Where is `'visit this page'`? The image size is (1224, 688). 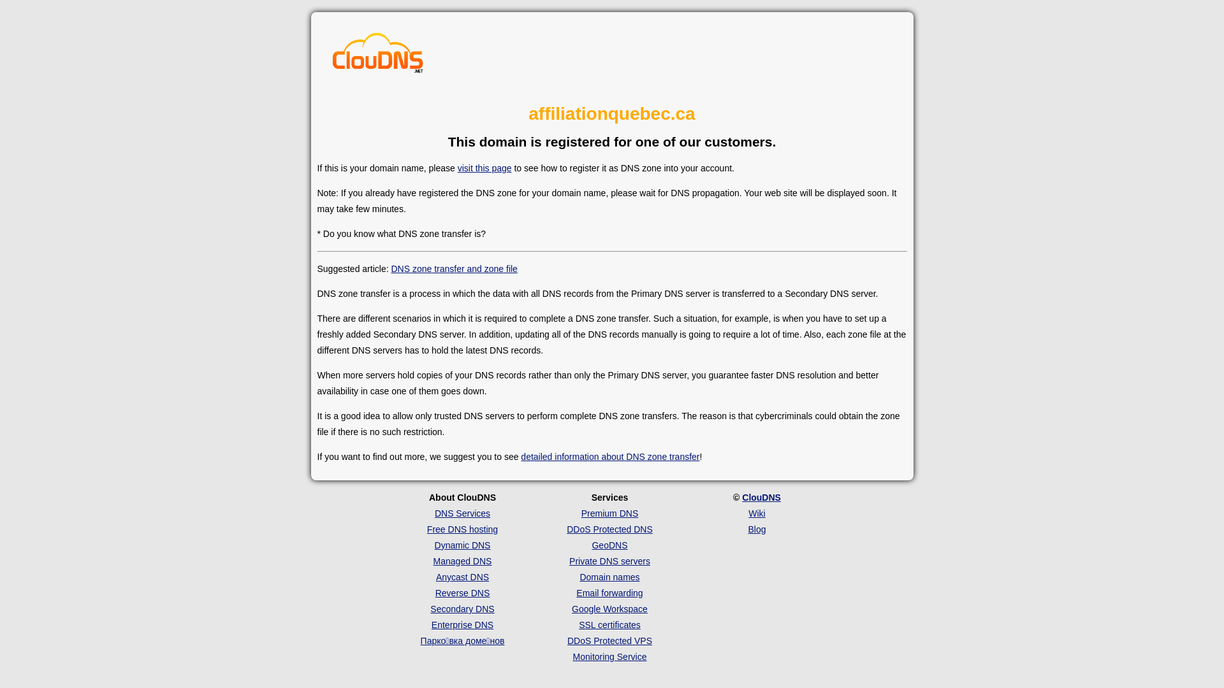
'visit this page' is located at coordinates (484, 167).